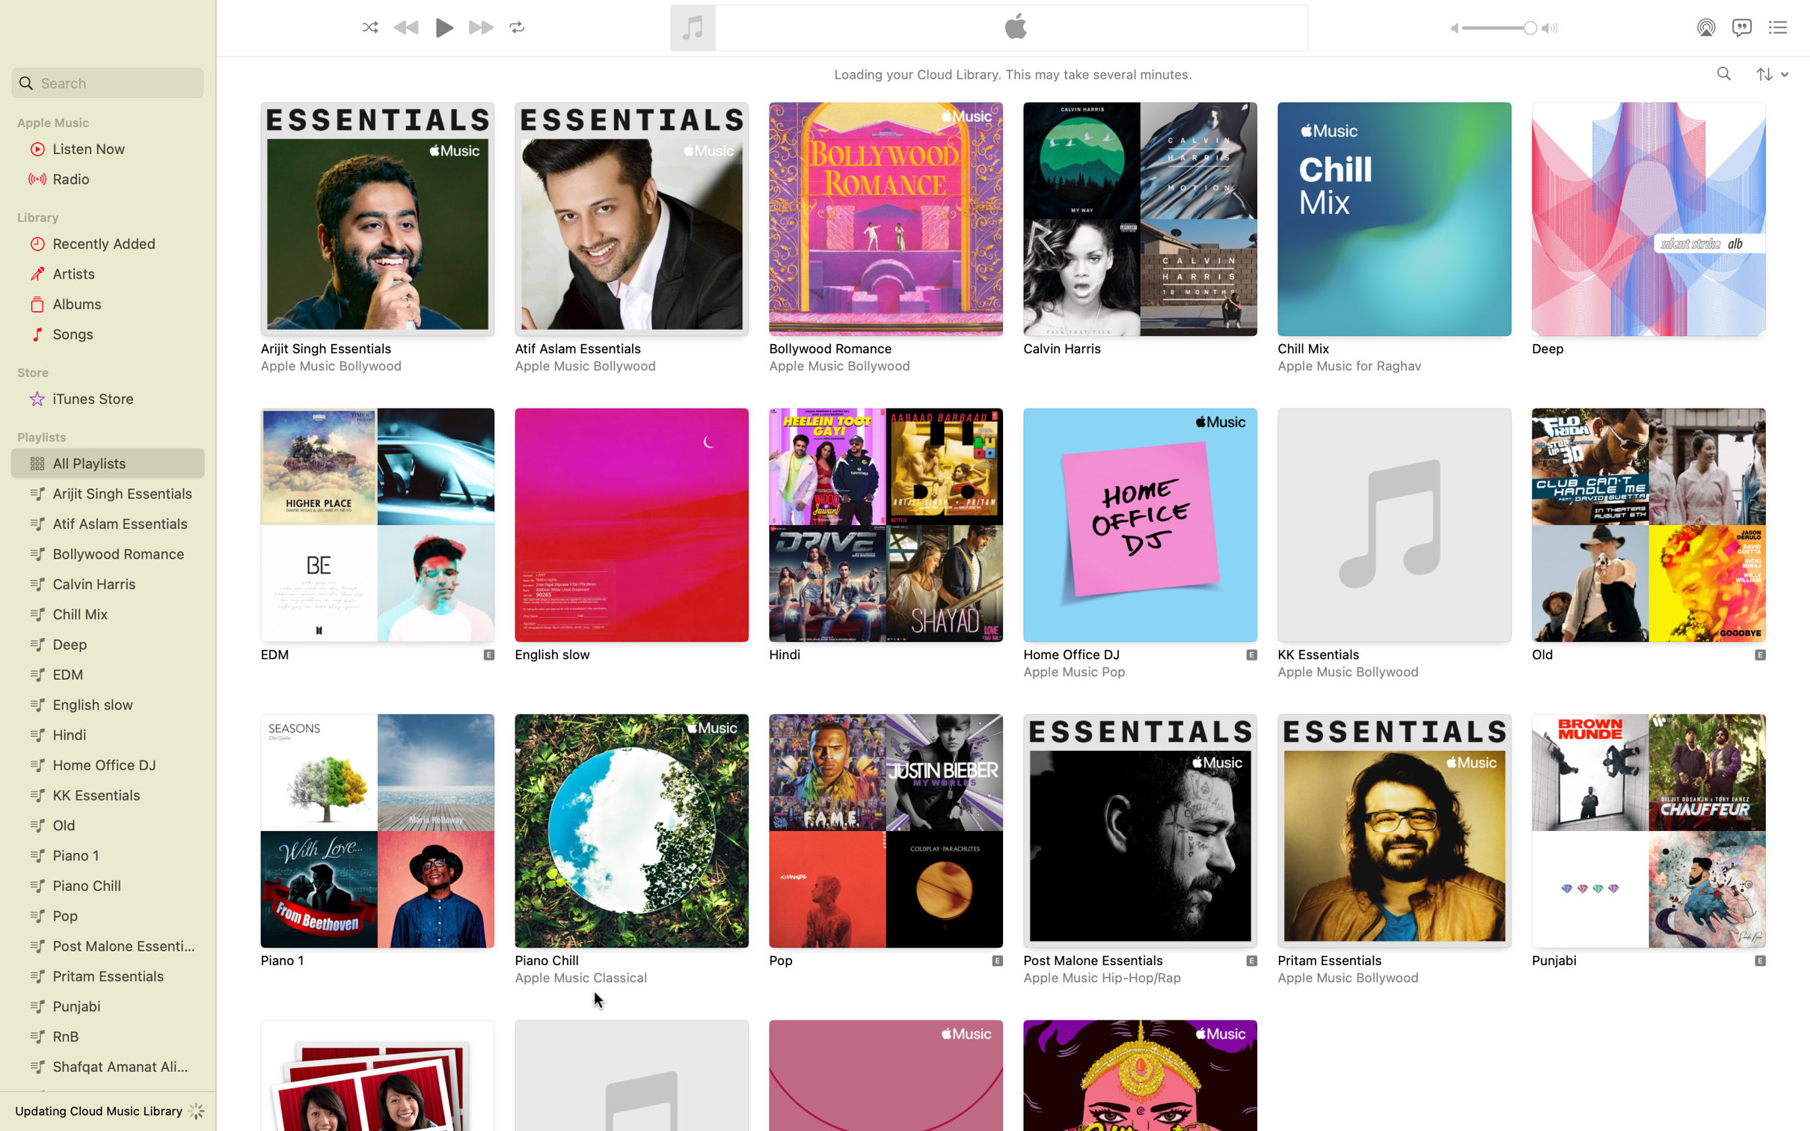  Describe the element at coordinates (3410945, 1248624) in the screenshot. I see `Locate the "Stuck on You" playlist by scrolling downwards` at that location.